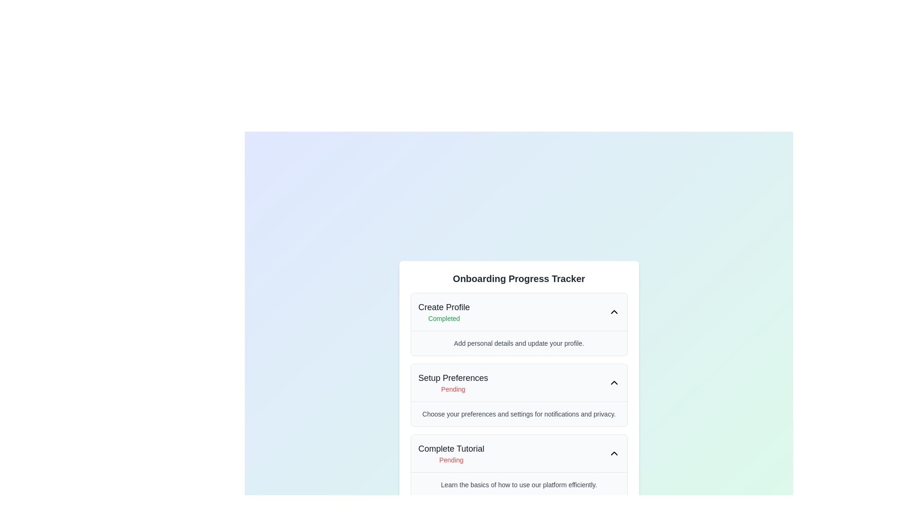  Describe the element at coordinates (453, 382) in the screenshot. I see `the 'Setup Preferences' text block in the Onboarding Progress Tracker` at that location.